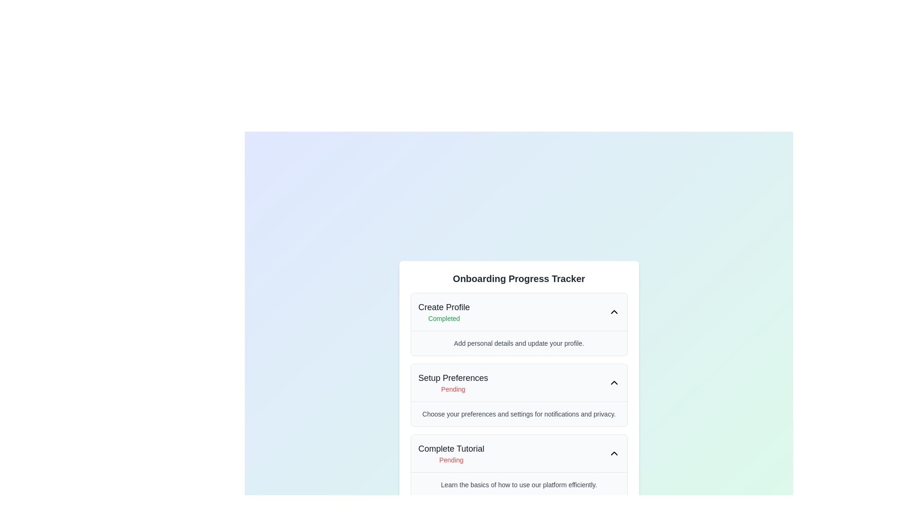  Describe the element at coordinates (453, 382) in the screenshot. I see `the 'Setup Preferences' text block in the Onboarding Progress Tracker` at that location.